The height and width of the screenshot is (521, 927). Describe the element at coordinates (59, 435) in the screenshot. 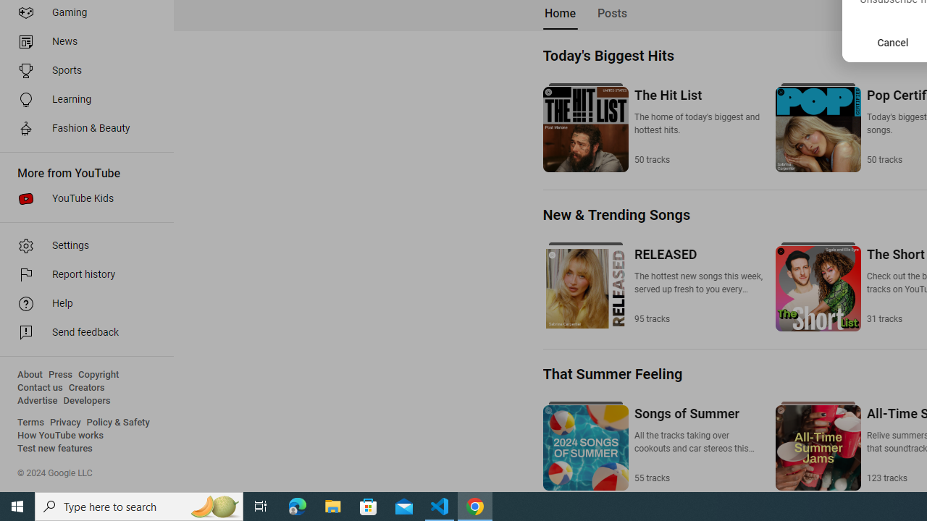

I see `'How YouTube works'` at that location.